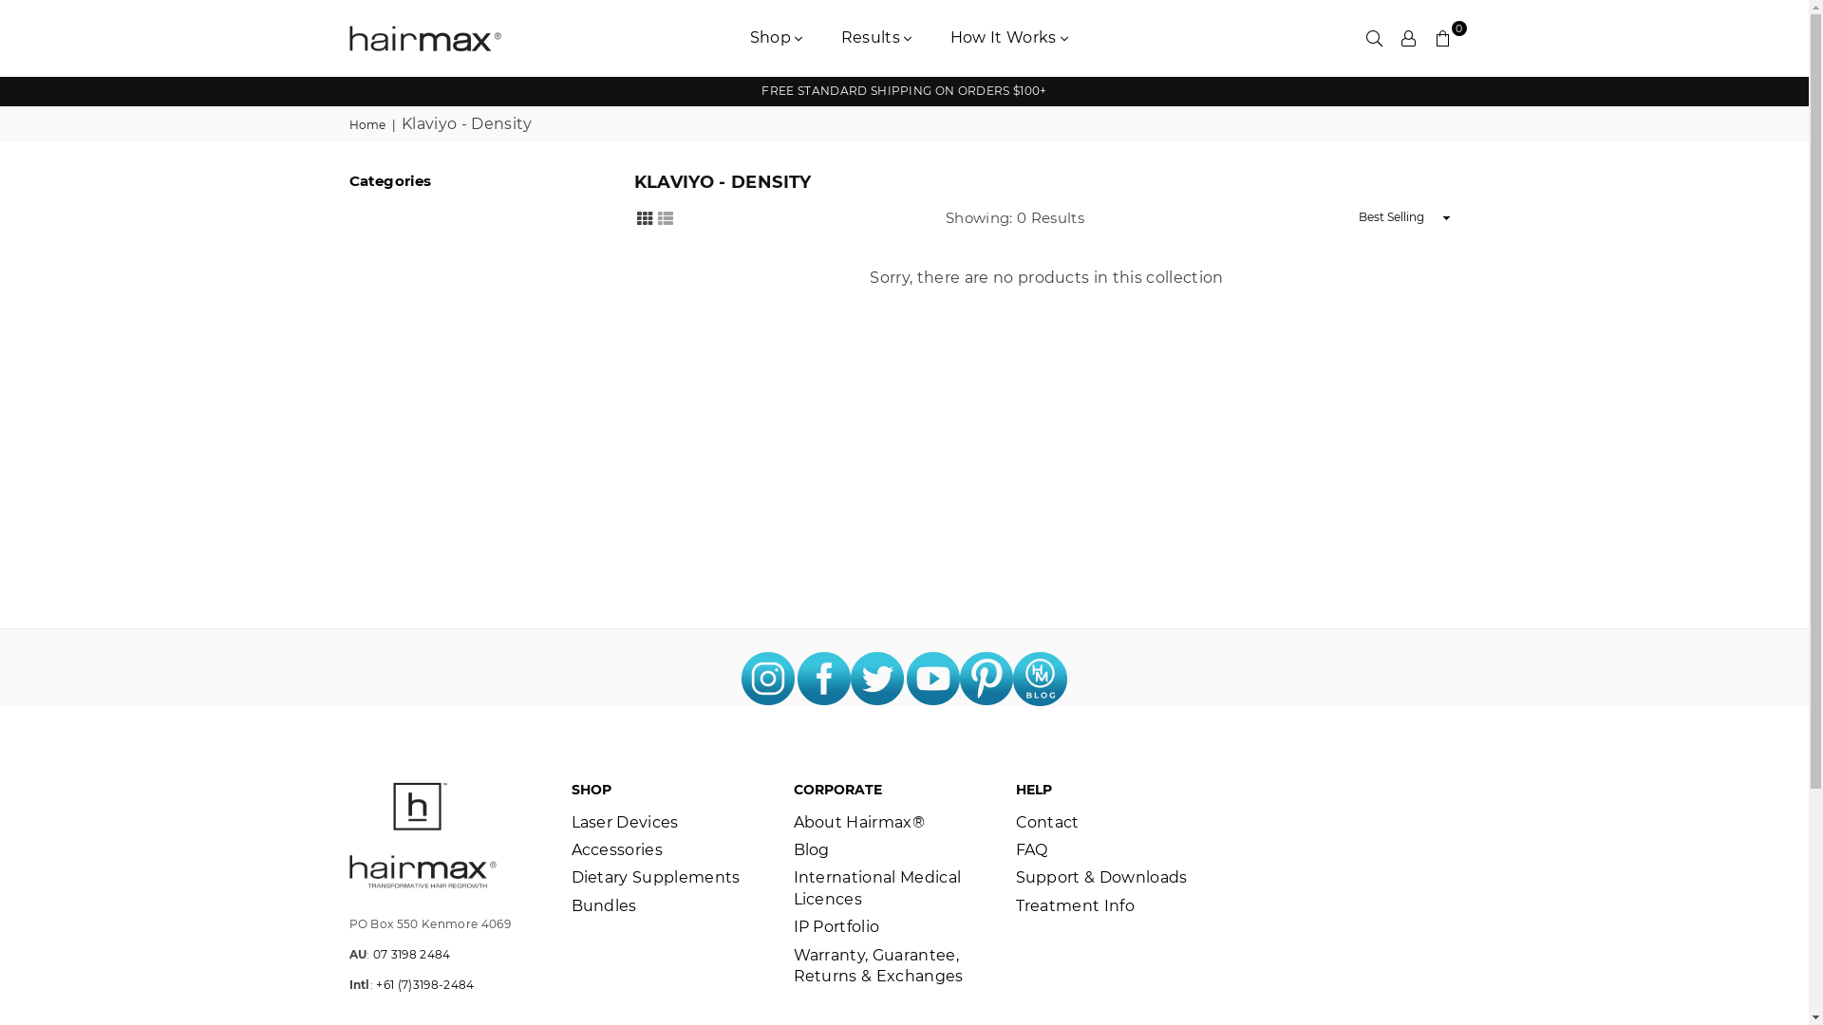 The width and height of the screenshot is (1823, 1025). Describe the element at coordinates (1408, 37) in the screenshot. I see `'Settings'` at that location.